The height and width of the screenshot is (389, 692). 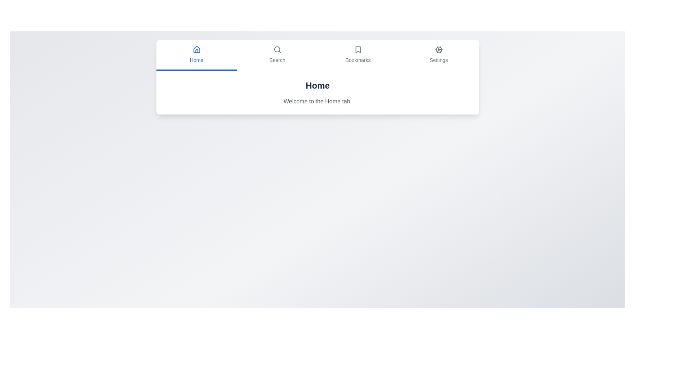 What do you see at coordinates (358, 55) in the screenshot?
I see `the Bookmarks tab by clicking on its button` at bounding box center [358, 55].